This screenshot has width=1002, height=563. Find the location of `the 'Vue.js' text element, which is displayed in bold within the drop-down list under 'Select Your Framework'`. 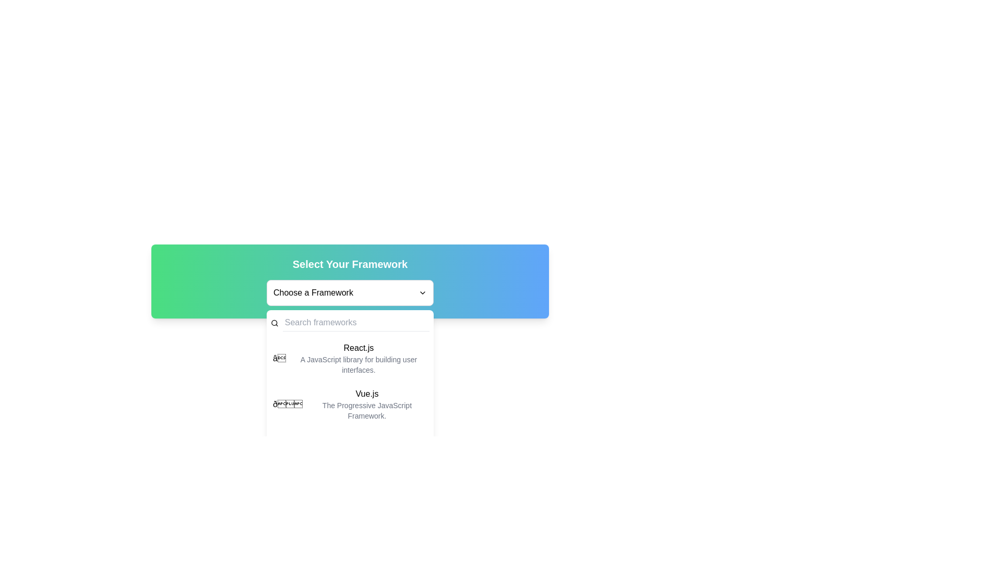

the 'Vue.js' text element, which is displayed in bold within the drop-down list under 'Select Your Framework' is located at coordinates (367, 394).